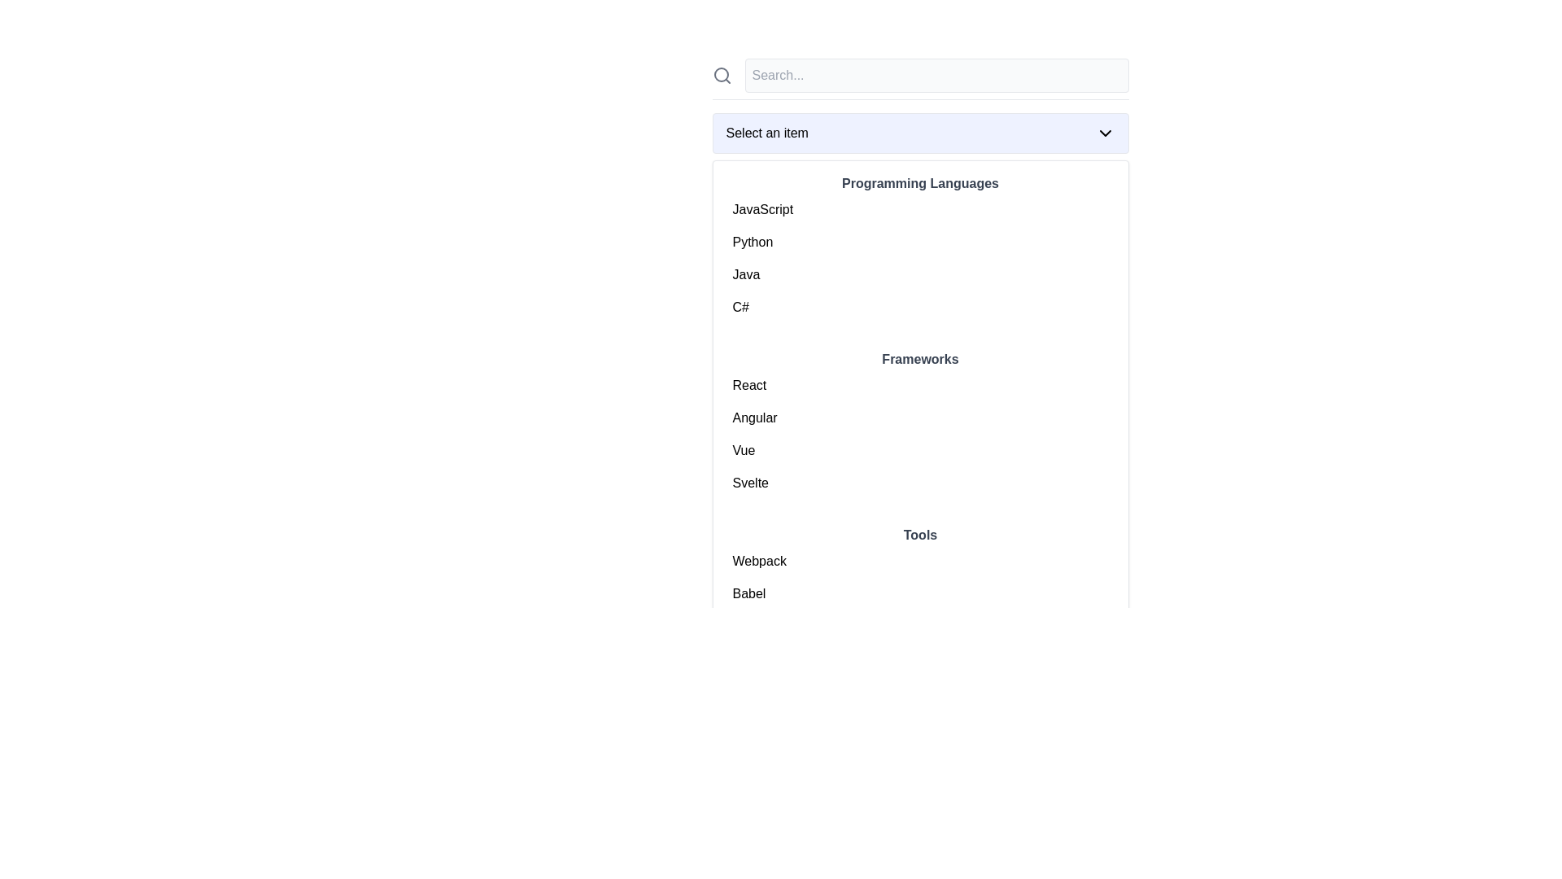 The height and width of the screenshot is (879, 1562). What do you see at coordinates (920, 610) in the screenshot?
I see `each item in the vertical list of tools located in the 'Tools' section towards the lower-right quadrant of the interface` at bounding box center [920, 610].